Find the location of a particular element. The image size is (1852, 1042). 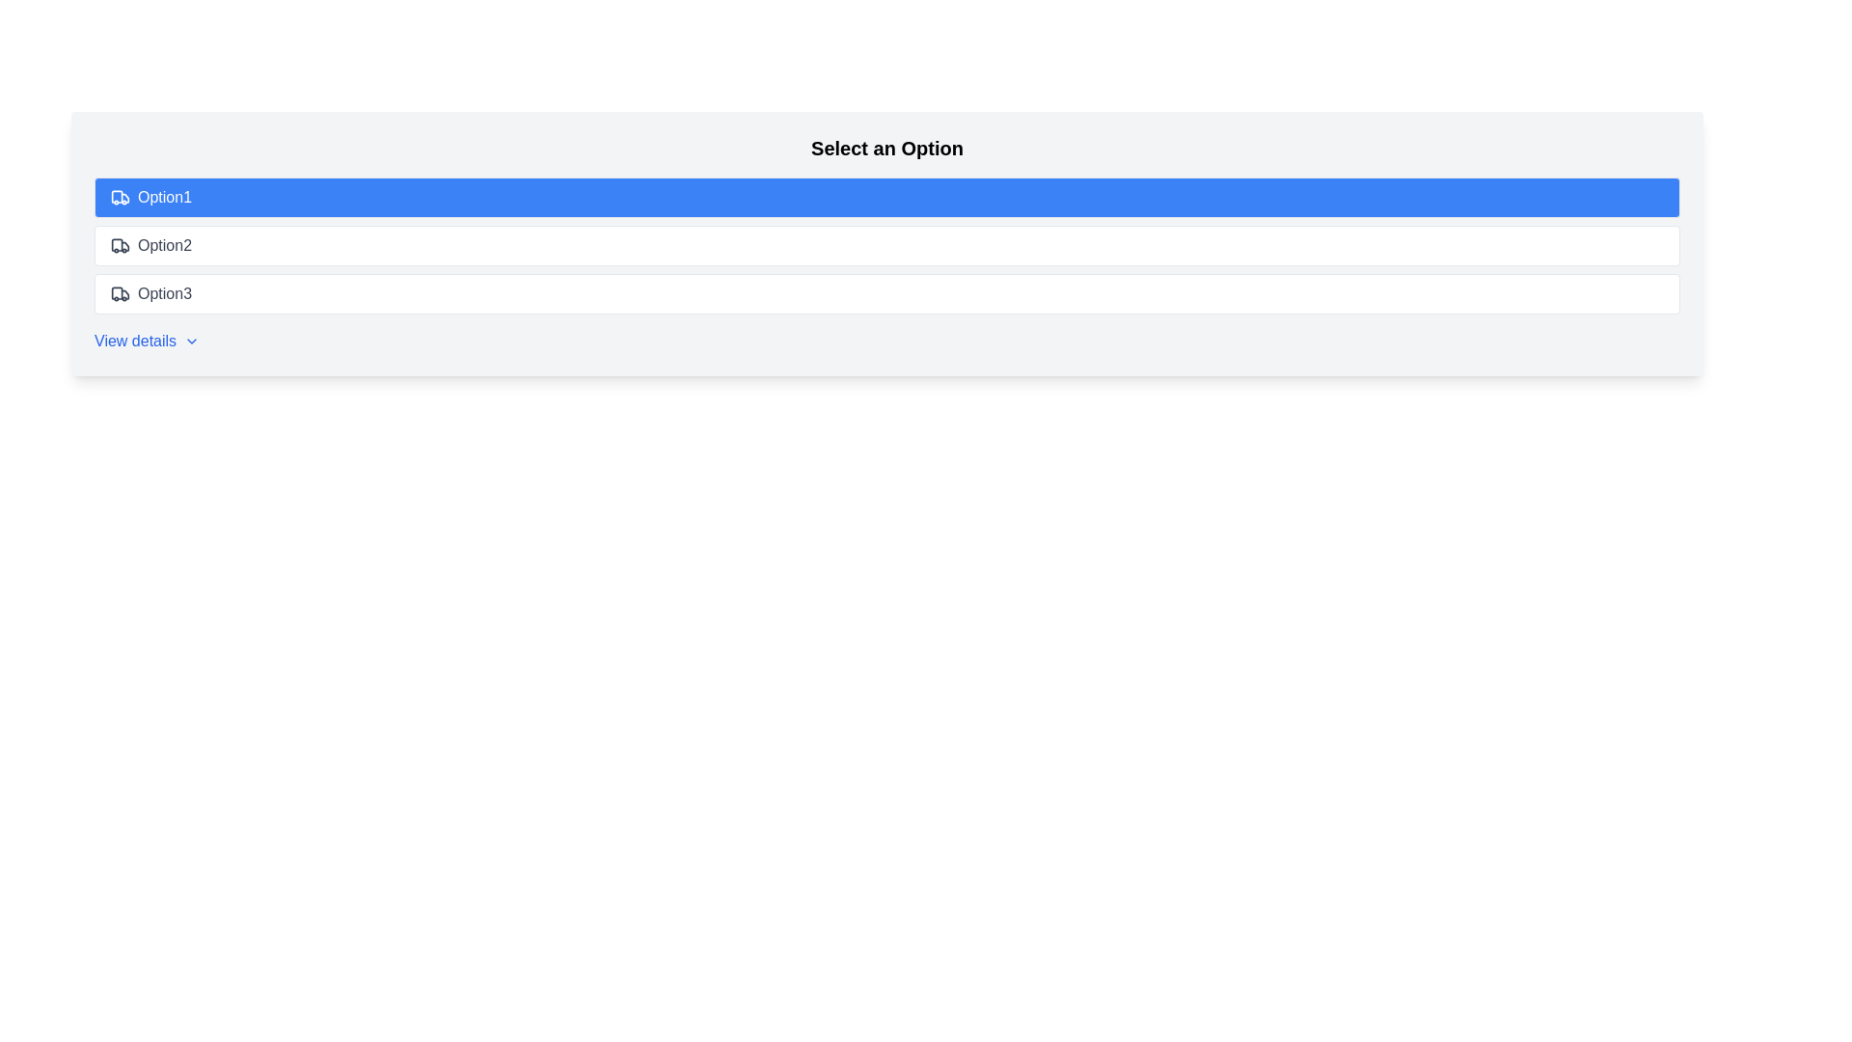

the Chevron-Down icon, located to the right of the 'View details' blue link text, to focus on it is located at coordinates (192, 341).